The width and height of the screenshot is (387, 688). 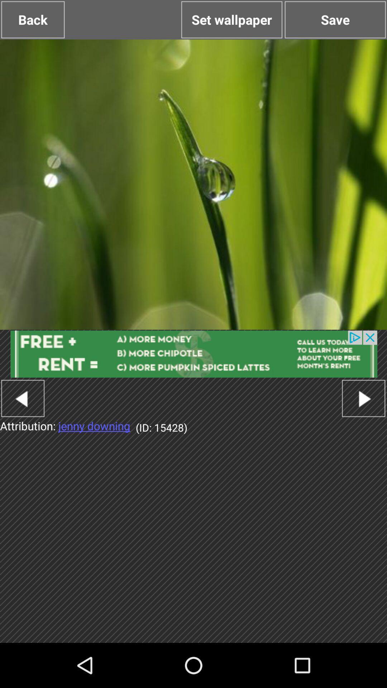 What do you see at coordinates (193, 354) in the screenshot?
I see `open` at bounding box center [193, 354].